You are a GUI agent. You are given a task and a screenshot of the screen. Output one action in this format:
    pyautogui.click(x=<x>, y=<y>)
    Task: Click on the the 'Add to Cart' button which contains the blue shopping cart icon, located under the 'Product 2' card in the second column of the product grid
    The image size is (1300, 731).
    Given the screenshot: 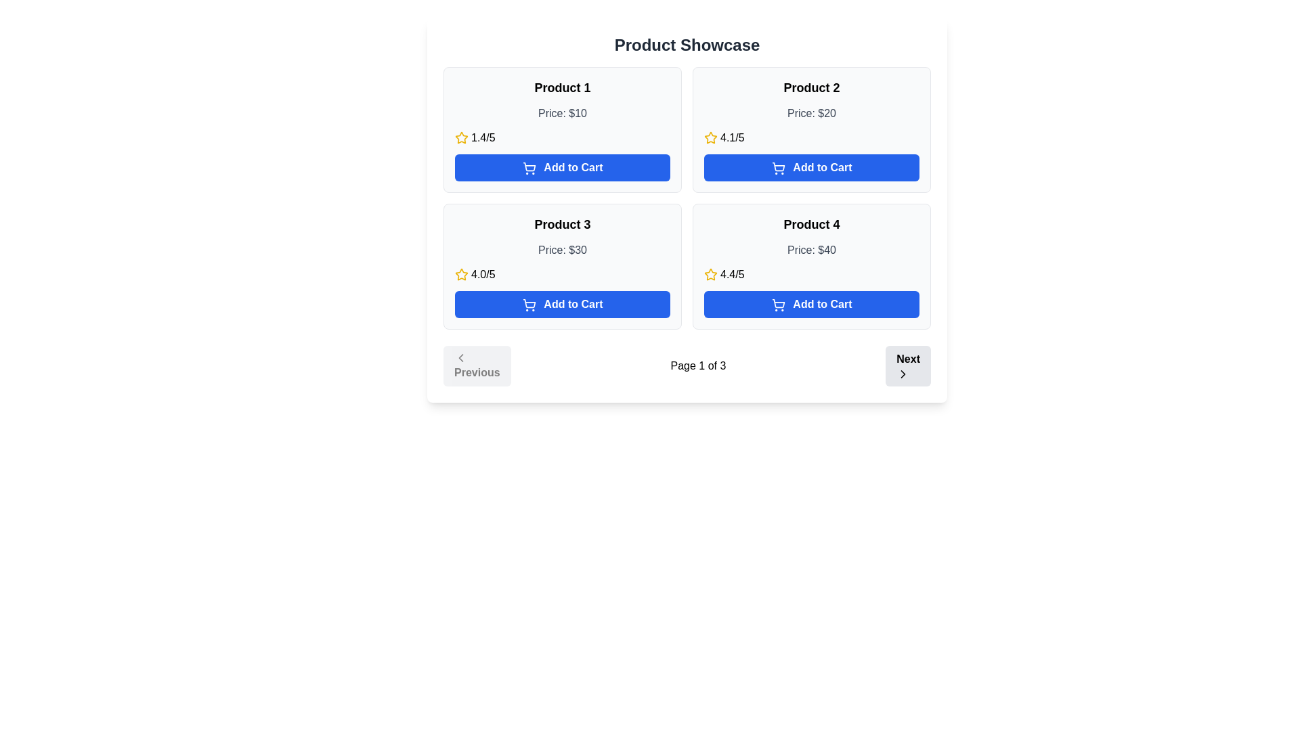 What is the action you would take?
    pyautogui.click(x=778, y=167)
    